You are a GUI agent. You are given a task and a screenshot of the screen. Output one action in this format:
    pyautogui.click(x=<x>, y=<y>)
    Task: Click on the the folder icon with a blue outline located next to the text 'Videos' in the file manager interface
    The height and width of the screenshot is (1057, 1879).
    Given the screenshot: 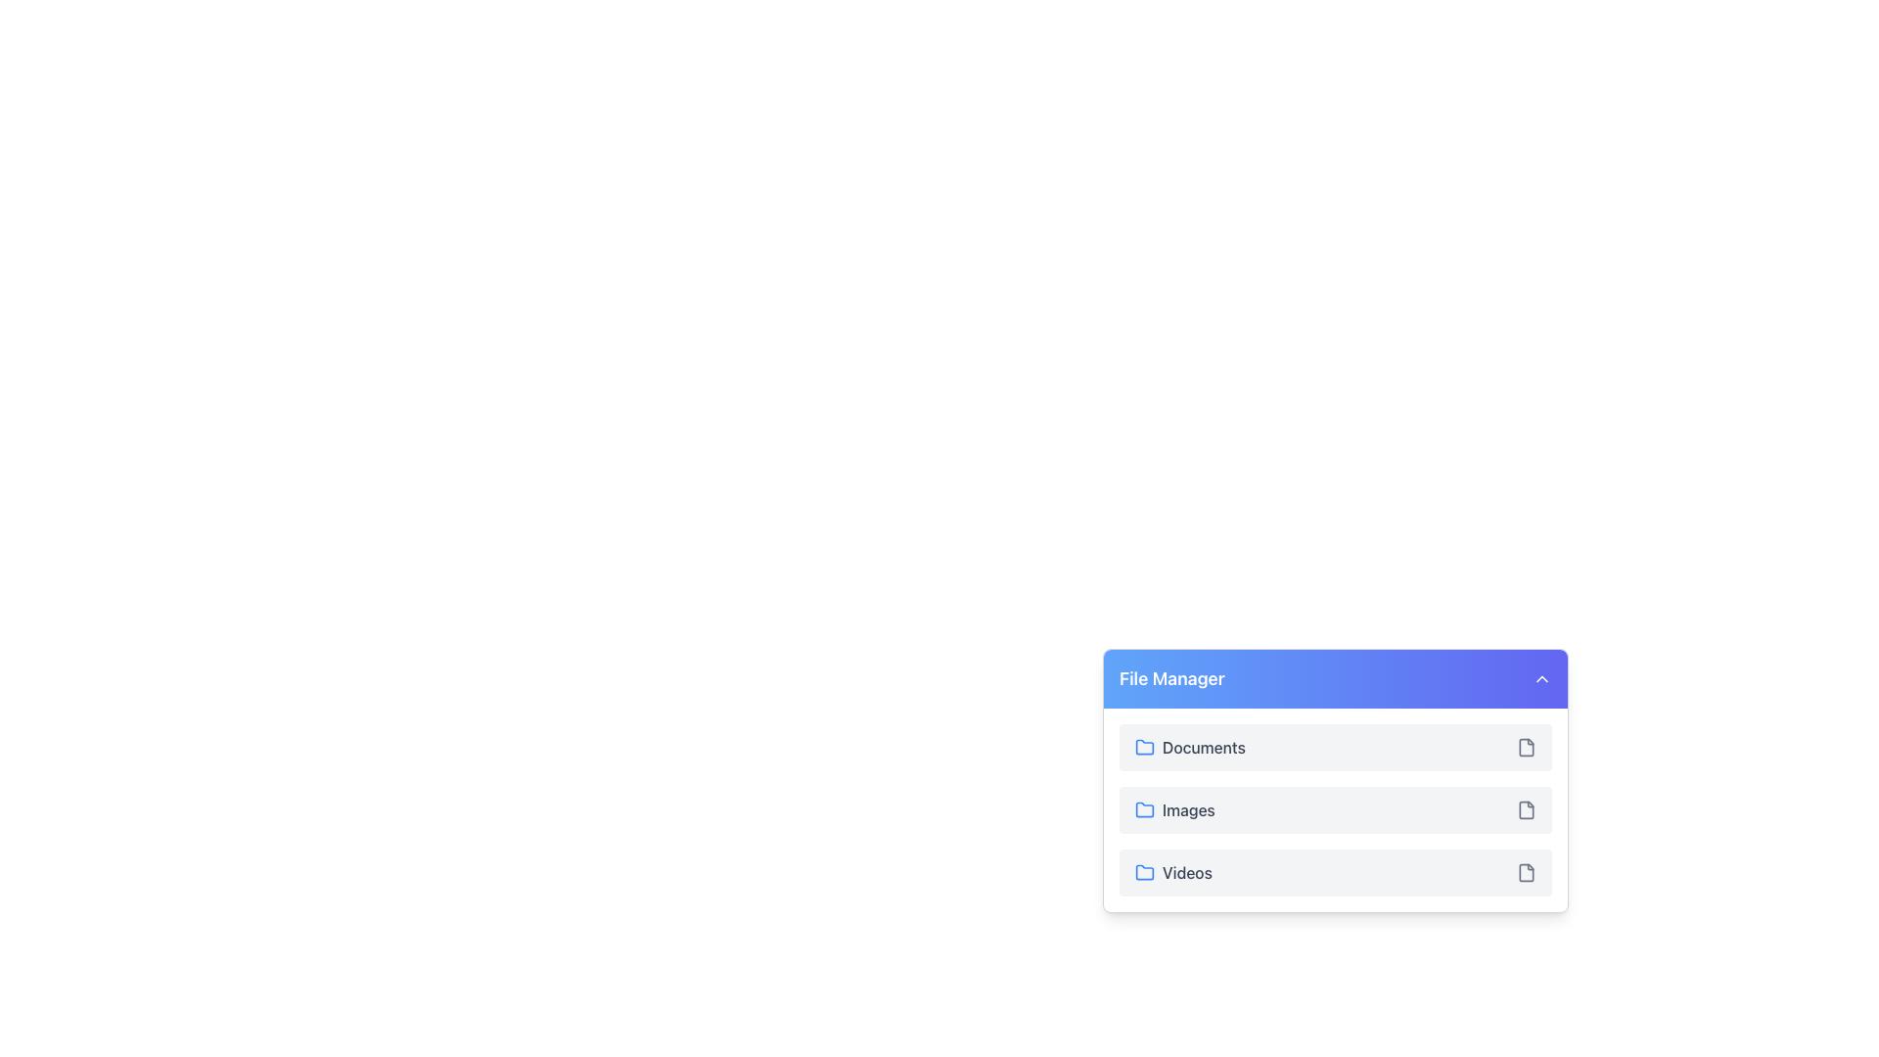 What is the action you would take?
    pyautogui.click(x=1145, y=871)
    